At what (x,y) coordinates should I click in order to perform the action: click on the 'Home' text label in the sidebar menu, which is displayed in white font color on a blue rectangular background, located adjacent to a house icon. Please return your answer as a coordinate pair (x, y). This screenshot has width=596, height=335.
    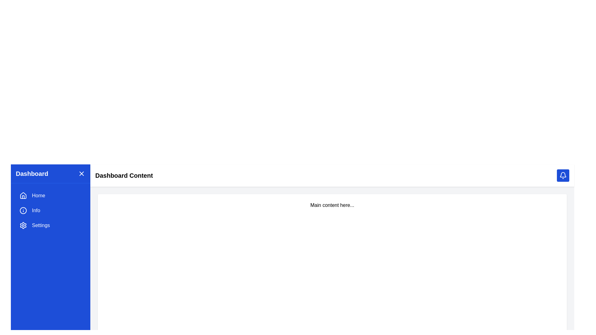
    Looking at the image, I should click on (38, 196).